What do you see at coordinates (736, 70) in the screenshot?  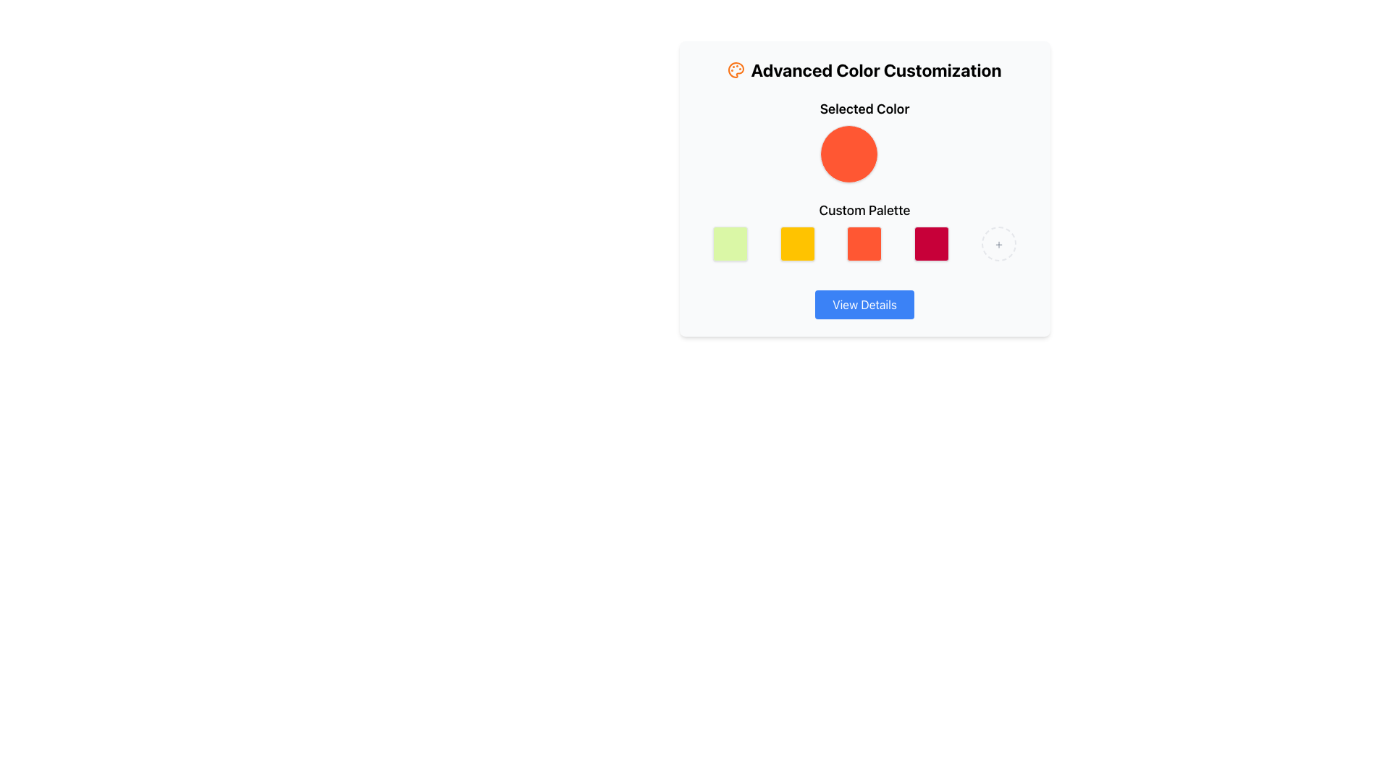 I see `the decorative icon representing artistic or color-customization functionalities, which is located to the left of the text 'Advanced Color Customization'` at bounding box center [736, 70].